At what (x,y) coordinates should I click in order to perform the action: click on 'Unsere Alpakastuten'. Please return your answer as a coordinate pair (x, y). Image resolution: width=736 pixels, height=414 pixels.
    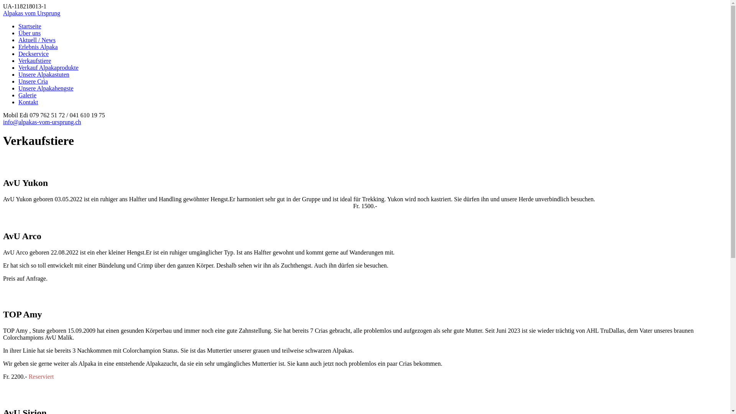
    Looking at the image, I should click on (43, 74).